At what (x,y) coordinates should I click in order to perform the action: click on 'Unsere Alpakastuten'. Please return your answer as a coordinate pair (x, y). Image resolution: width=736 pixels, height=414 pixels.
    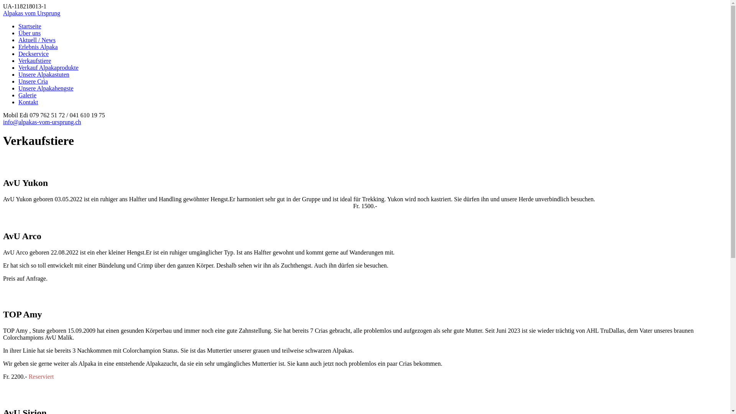
    Looking at the image, I should click on (43, 74).